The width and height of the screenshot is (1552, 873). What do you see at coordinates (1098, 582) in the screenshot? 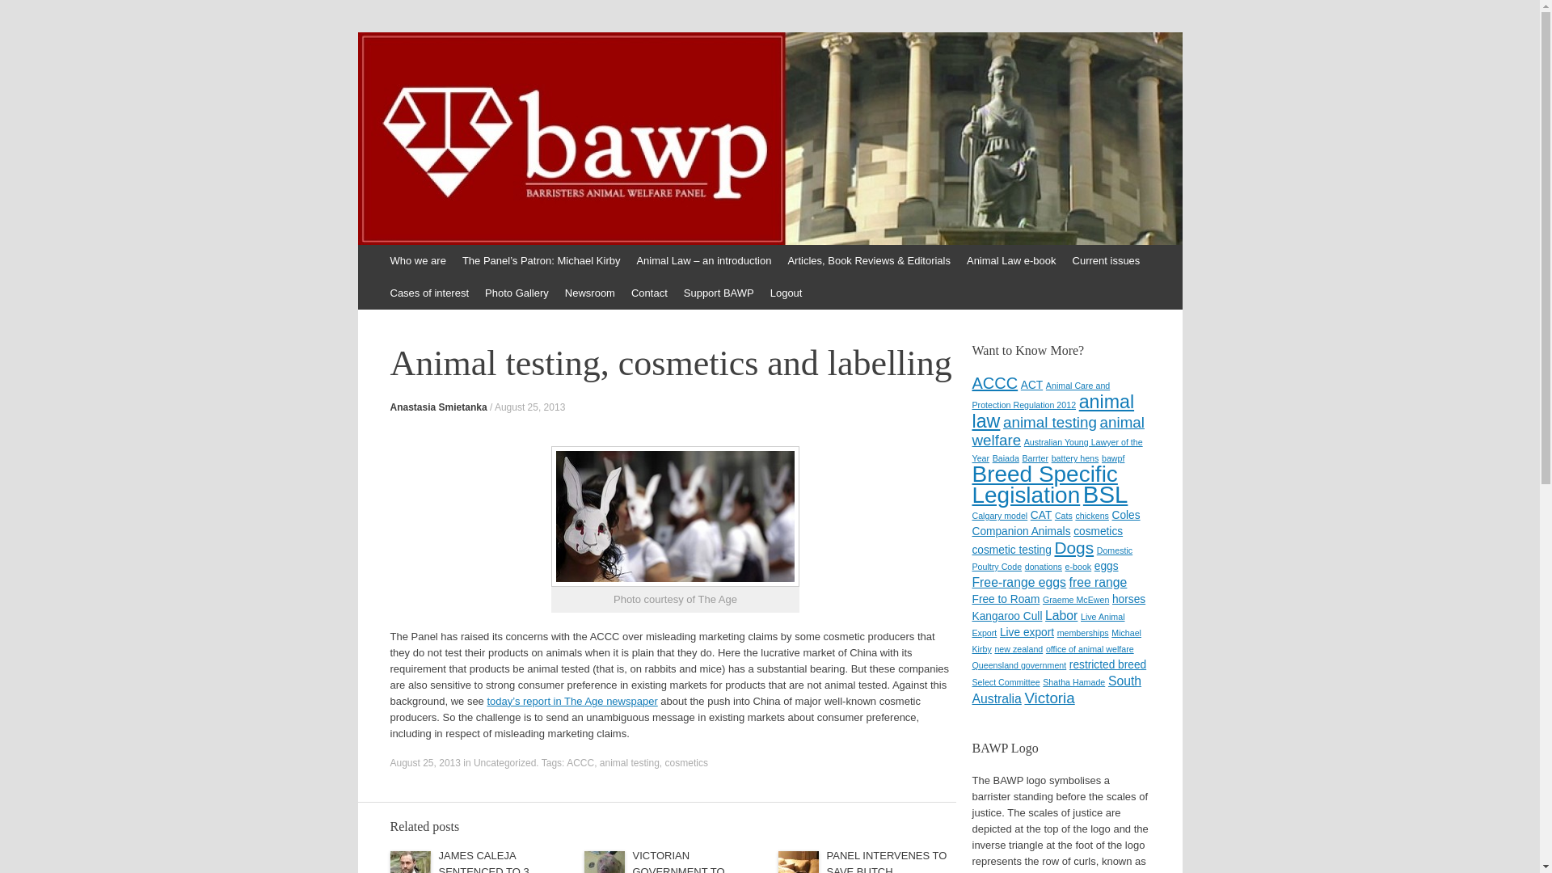
I see `'free range'` at bounding box center [1098, 582].